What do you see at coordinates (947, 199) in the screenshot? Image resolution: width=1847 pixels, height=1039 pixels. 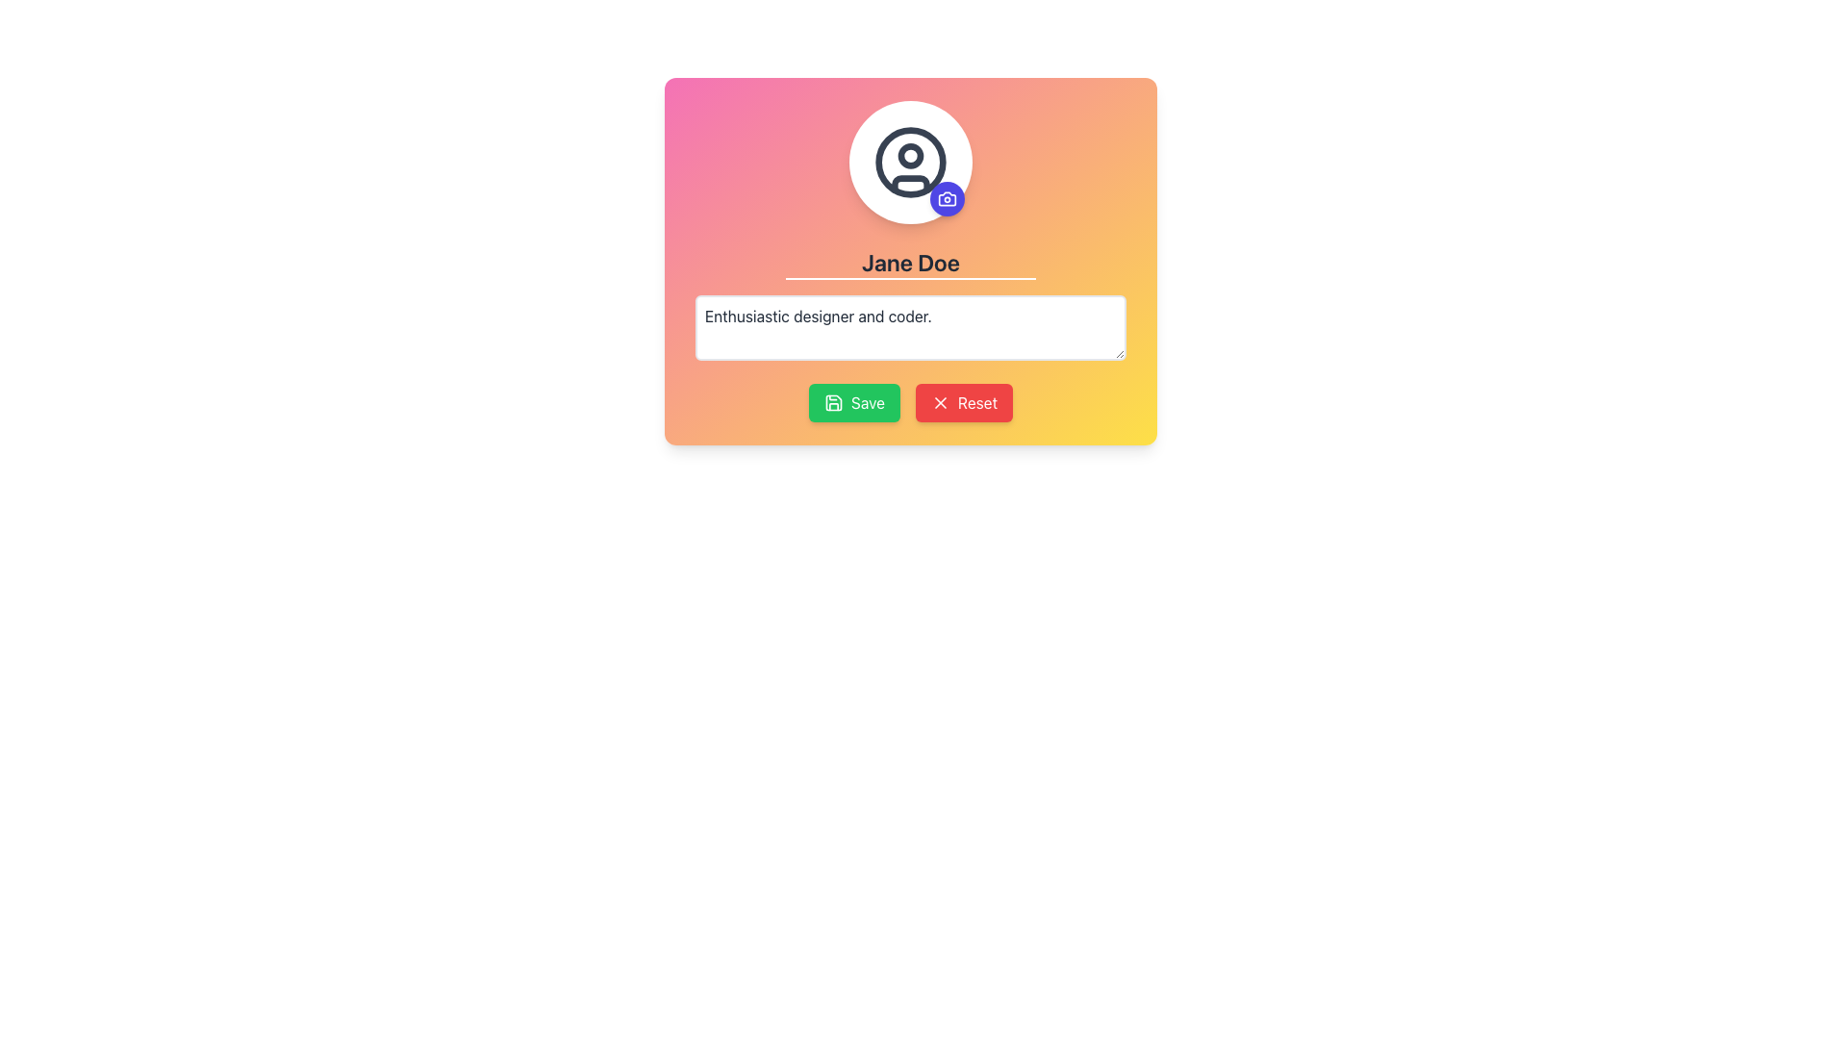 I see `the camera or upload icon located within the circular overlay on the lower-right side of the large profile picture` at bounding box center [947, 199].